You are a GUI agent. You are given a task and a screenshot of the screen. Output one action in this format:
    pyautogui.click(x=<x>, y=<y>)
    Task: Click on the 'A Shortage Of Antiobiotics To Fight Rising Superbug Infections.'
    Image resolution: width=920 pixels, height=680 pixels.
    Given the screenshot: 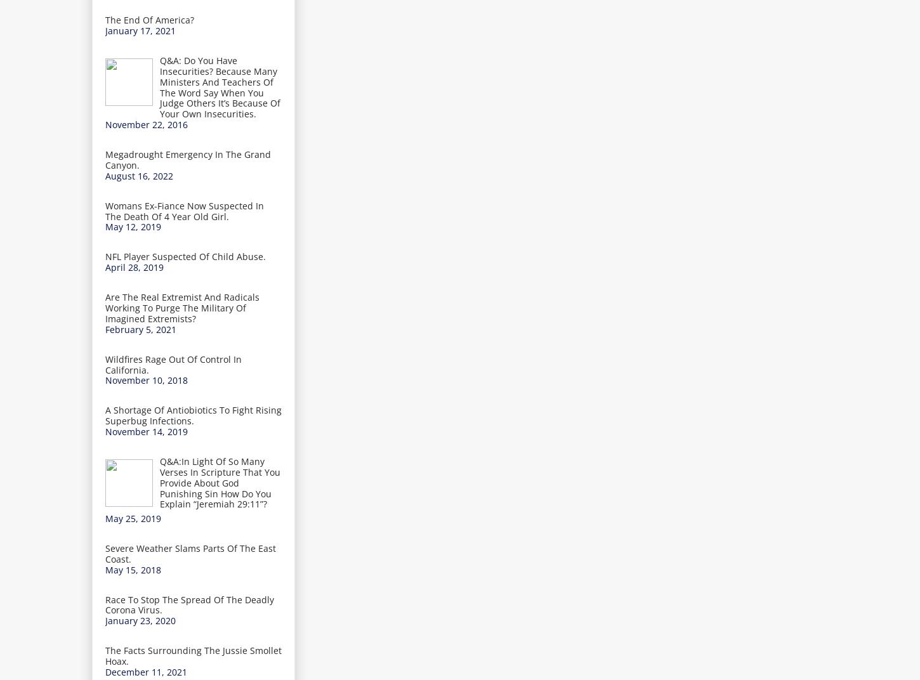 What is the action you would take?
    pyautogui.click(x=193, y=415)
    